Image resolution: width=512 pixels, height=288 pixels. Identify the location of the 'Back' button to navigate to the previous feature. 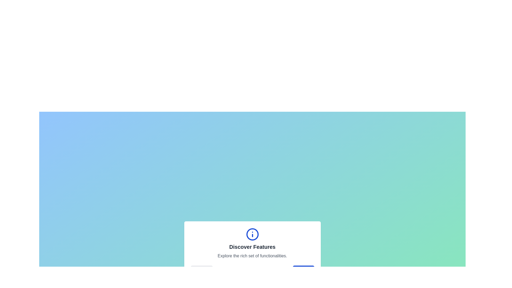
(201, 271).